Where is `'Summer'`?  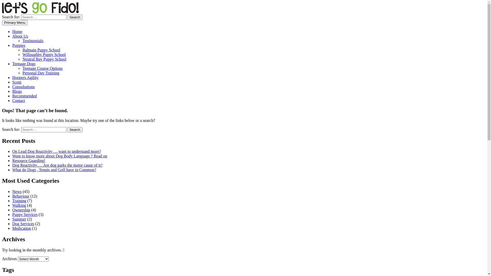
'Summer' is located at coordinates (19, 219).